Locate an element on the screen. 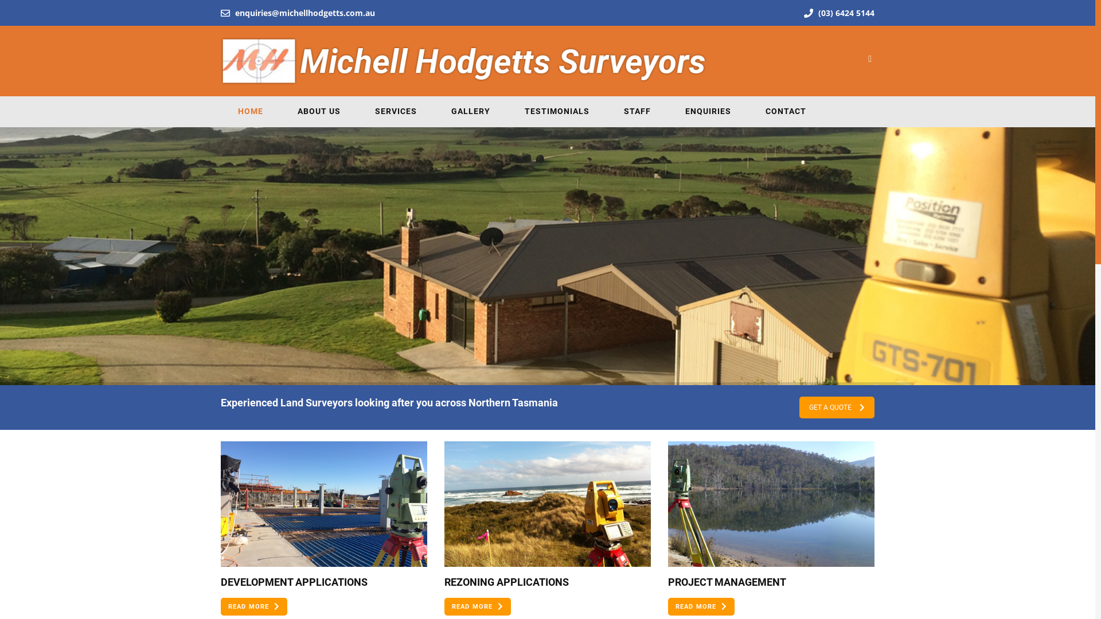  'TESTIMONIALS' is located at coordinates (506, 111).